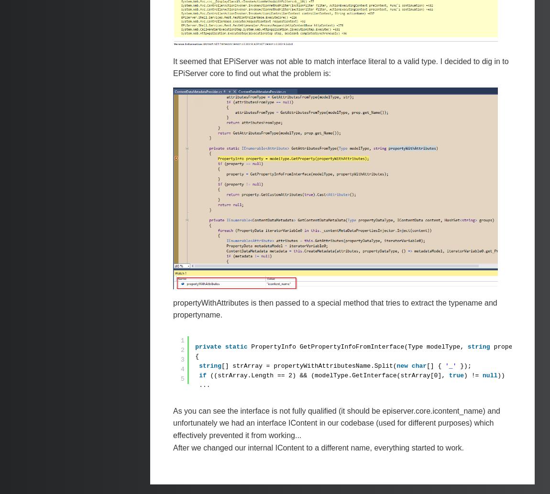  What do you see at coordinates (182, 378) in the screenshot?
I see `'5'` at bounding box center [182, 378].